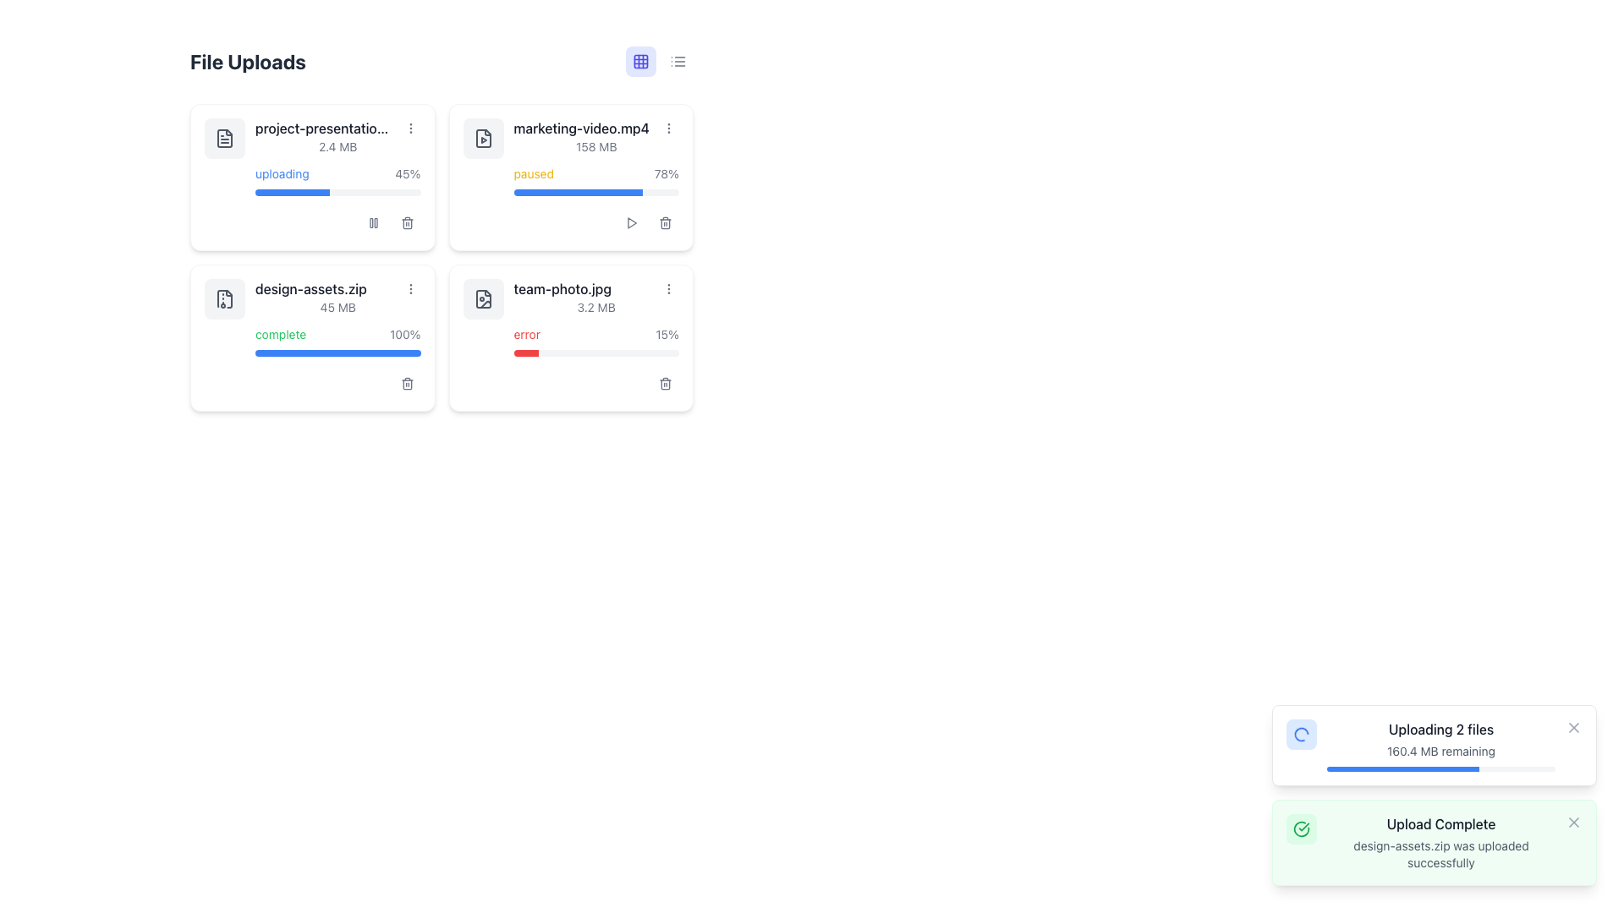 This screenshot has height=913, width=1624. I want to click on the structural graphical element located in the top-left corner of the 3x3 grid icon in the top-center area of the interface, so click(640, 61).